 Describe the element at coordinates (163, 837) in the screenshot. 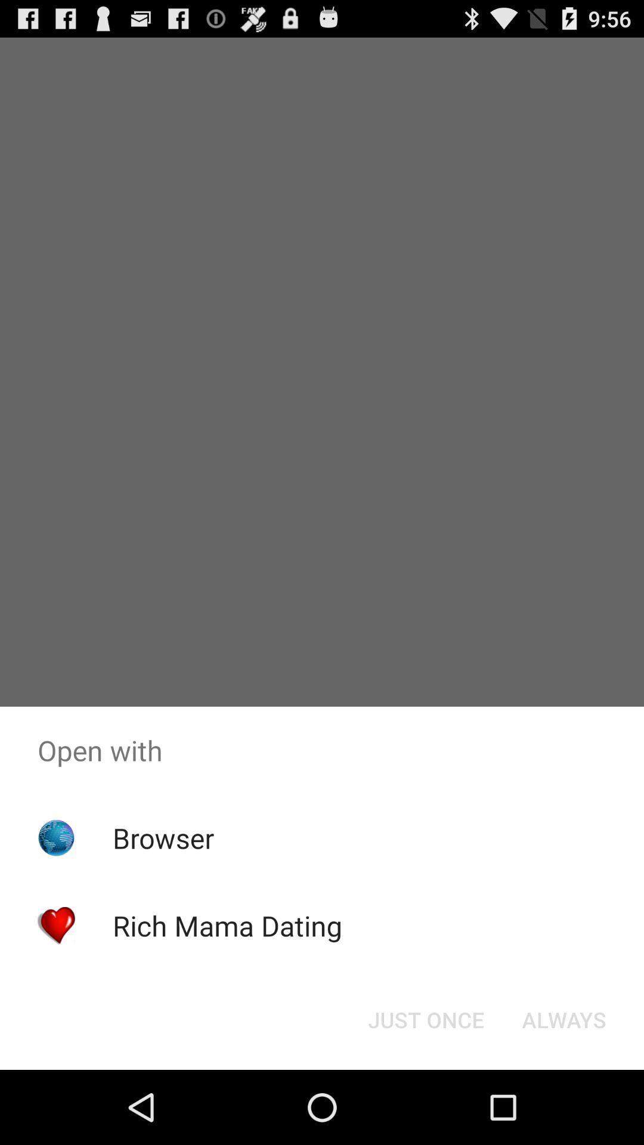

I see `the browser item` at that location.